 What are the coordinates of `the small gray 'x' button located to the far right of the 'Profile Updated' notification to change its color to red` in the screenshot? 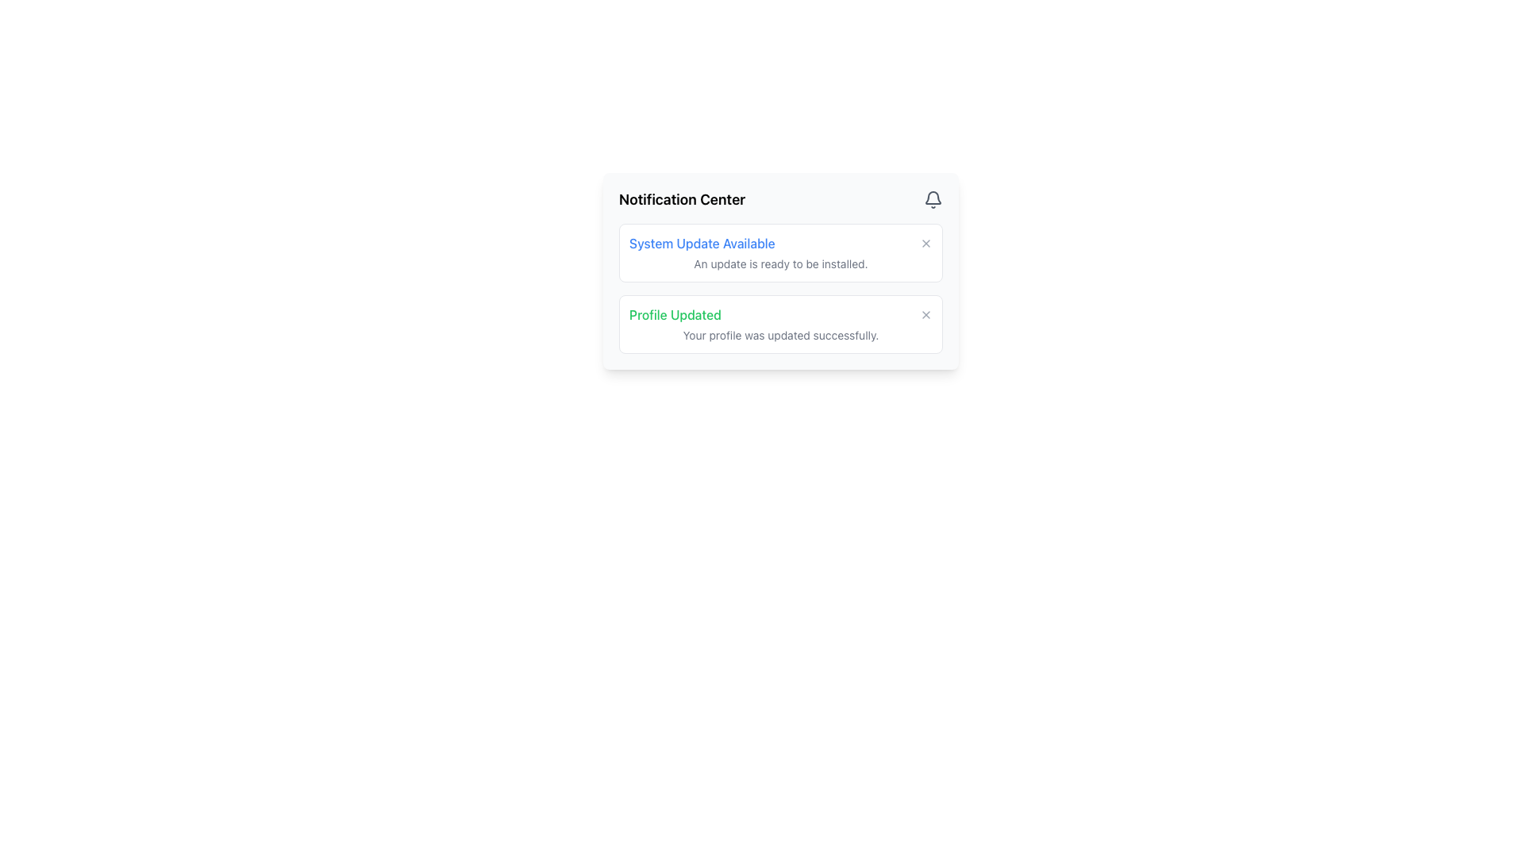 It's located at (926, 315).